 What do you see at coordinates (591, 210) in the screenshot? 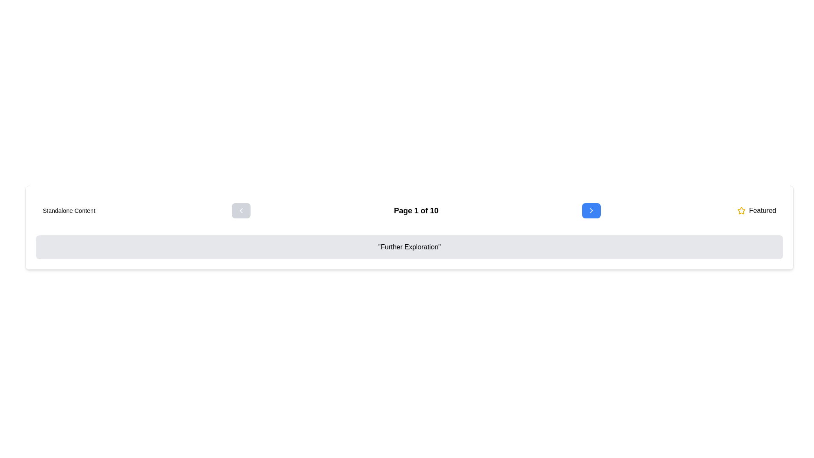
I see `the 'Next' button located to the right of 'Page 1 of 10'` at bounding box center [591, 210].